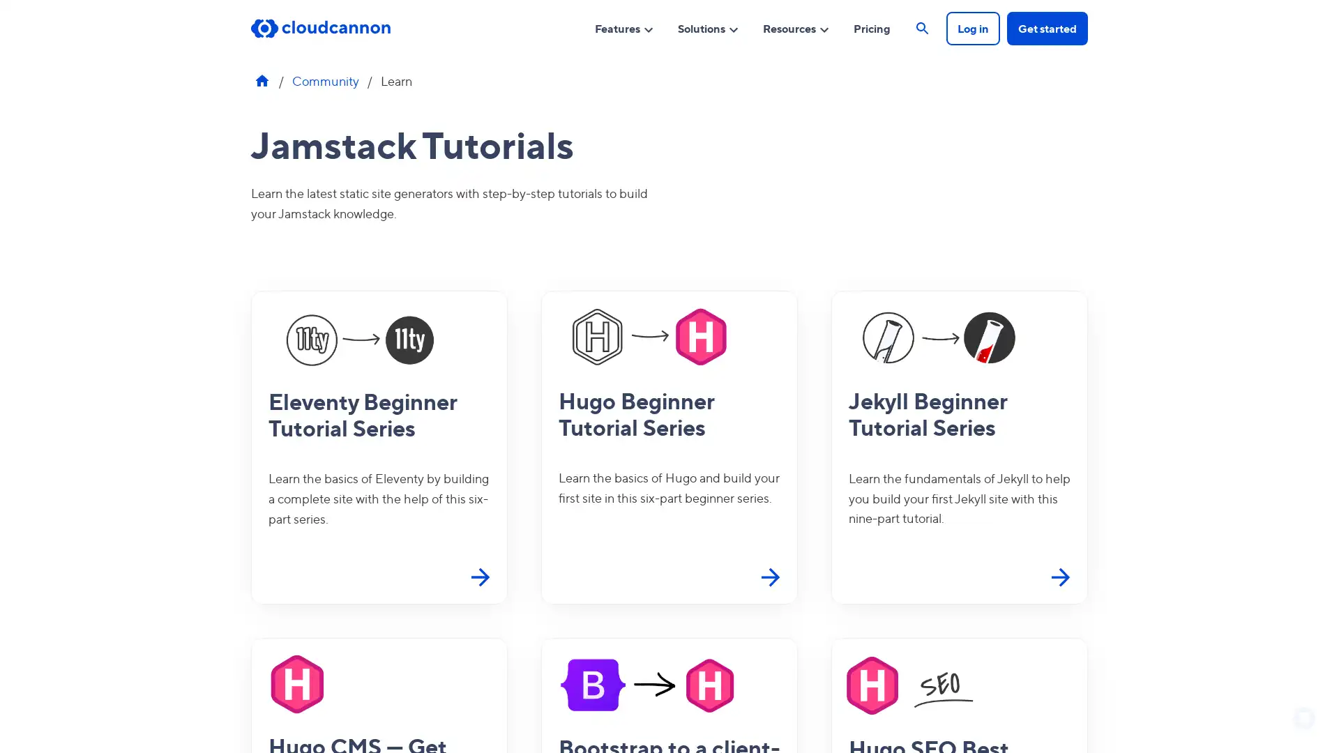 This screenshot has width=1339, height=753. I want to click on Solutions, so click(709, 27).